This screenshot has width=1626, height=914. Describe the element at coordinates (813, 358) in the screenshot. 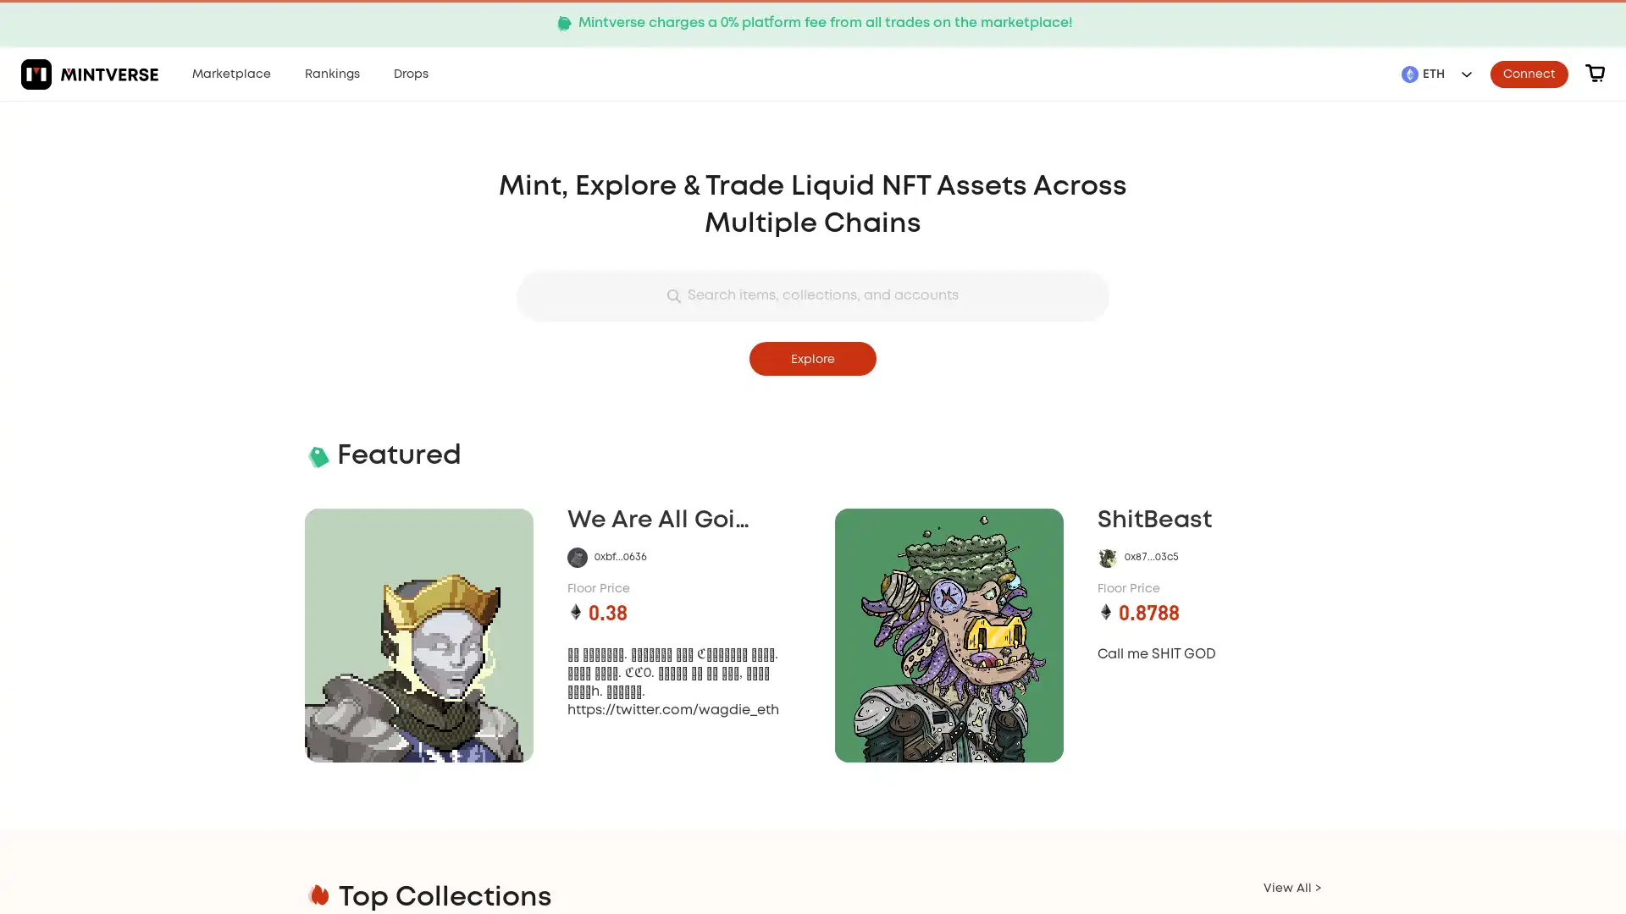

I see `Explore` at that location.